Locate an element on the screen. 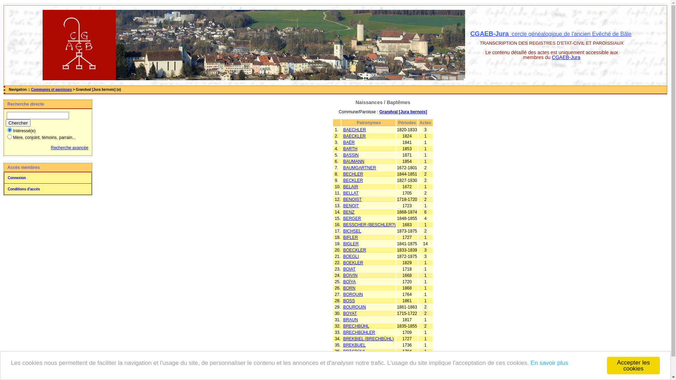 The width and height of the screenshot is (676, 380). 'Connexion' is located at coordinates (4, 177).